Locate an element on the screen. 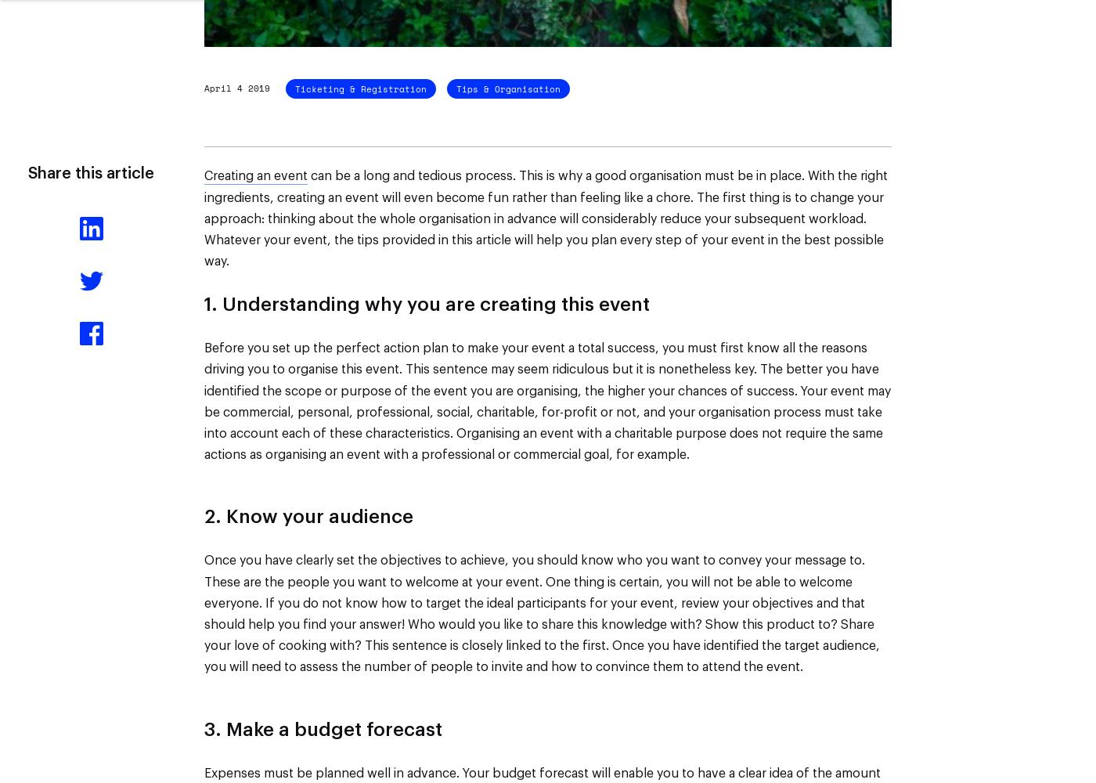 The height and width of the screenshot is (783, 1096). 'Share this article' is located at coordinates (90, 173).